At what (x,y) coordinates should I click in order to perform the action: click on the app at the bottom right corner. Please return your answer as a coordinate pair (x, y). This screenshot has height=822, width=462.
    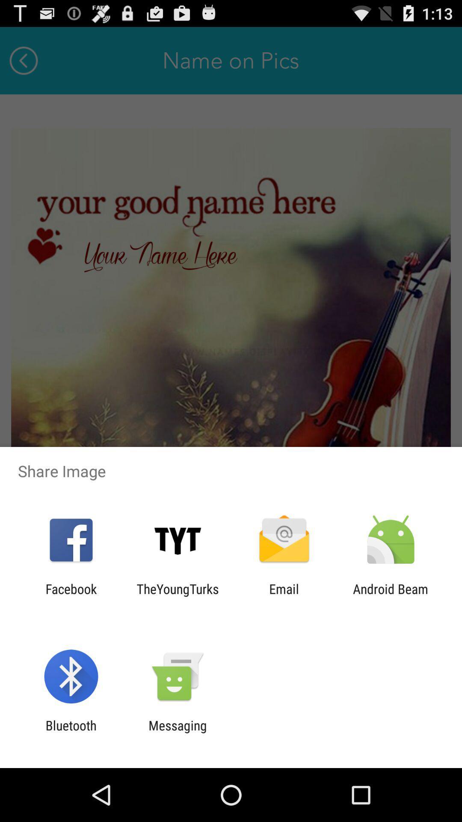
    Looking at the image, I should click on (391, 596).